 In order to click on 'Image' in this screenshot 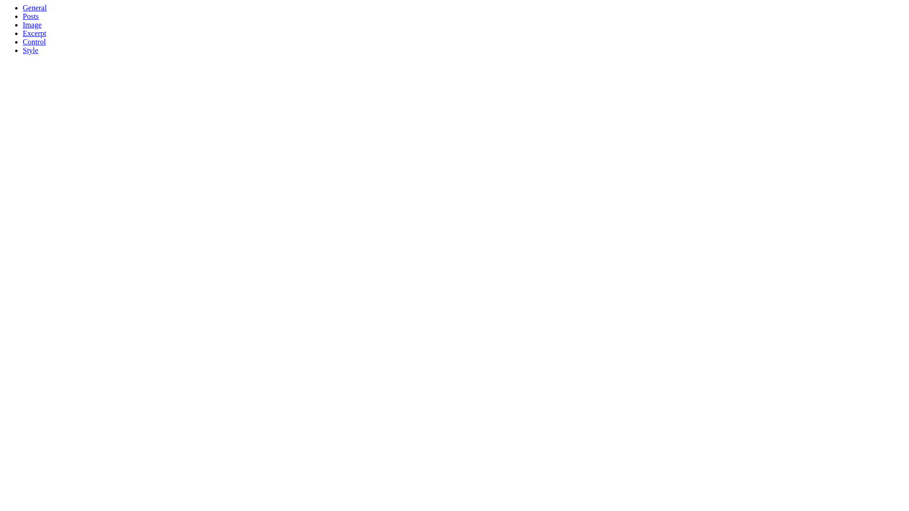, I will do `click(23, 24)`.